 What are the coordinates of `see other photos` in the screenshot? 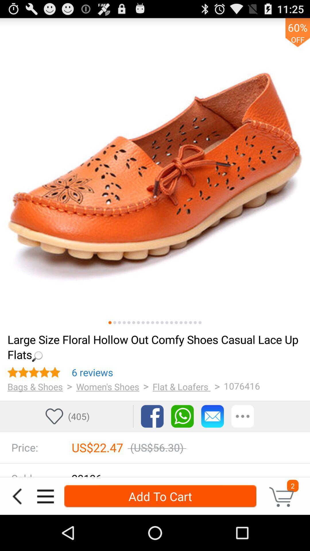 It's located at (199, 323).